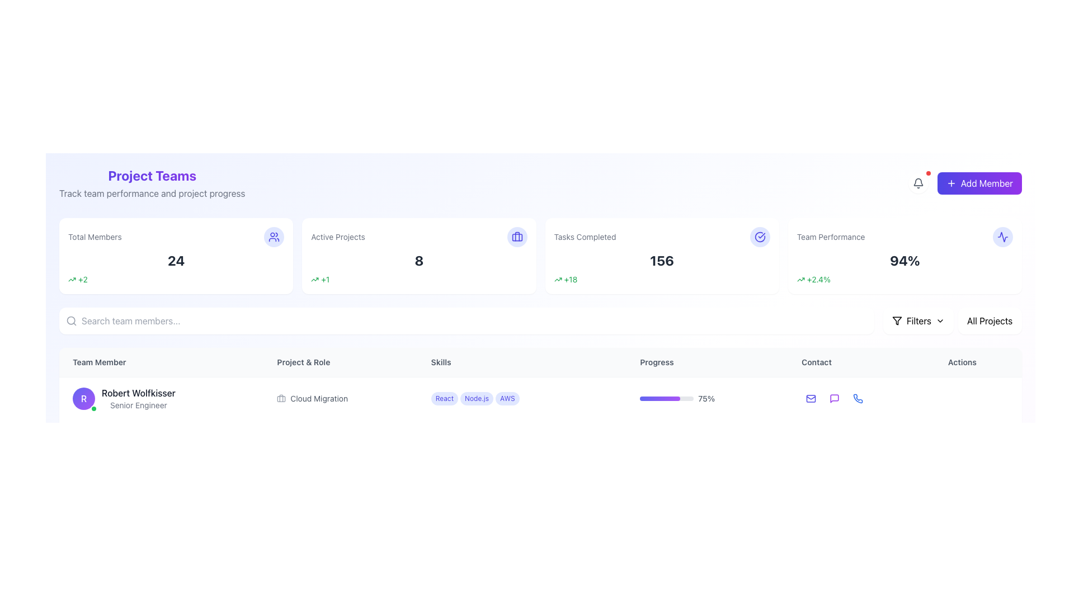 Image resolution: width=1074 pixels, height=604 pixels. Describe the element at coordinates (70, 320) in the screenshot. I see `the circular lens of the magnifying glass design within the search icon located at the left edge of the search bar` at that location.